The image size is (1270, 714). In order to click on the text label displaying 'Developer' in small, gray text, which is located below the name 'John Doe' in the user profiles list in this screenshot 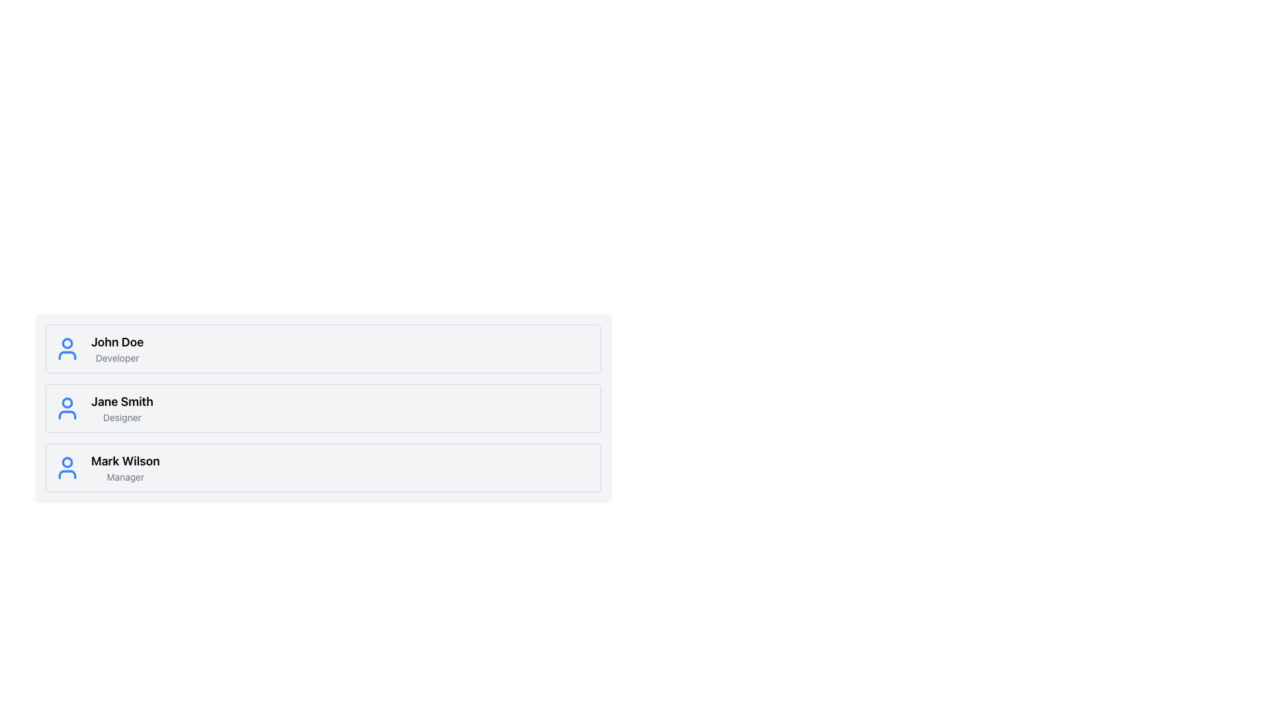, I will do `click(117, 358)`.